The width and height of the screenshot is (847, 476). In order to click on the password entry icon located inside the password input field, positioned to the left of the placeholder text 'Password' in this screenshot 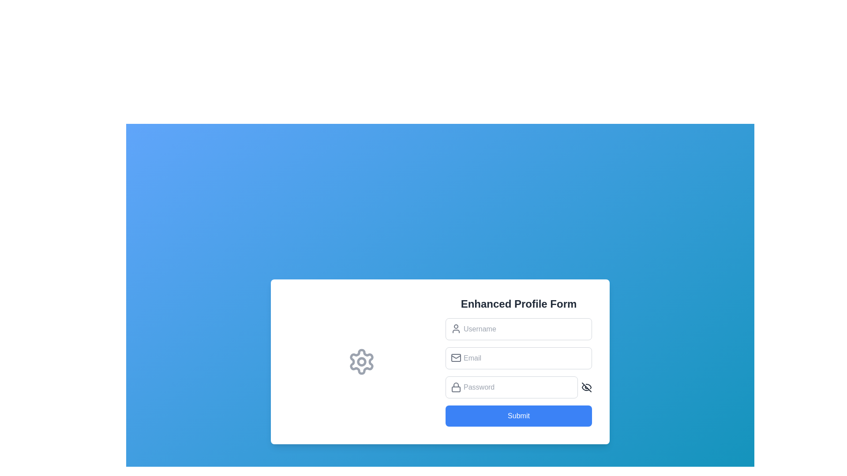, I will do `click(456, 387)`.